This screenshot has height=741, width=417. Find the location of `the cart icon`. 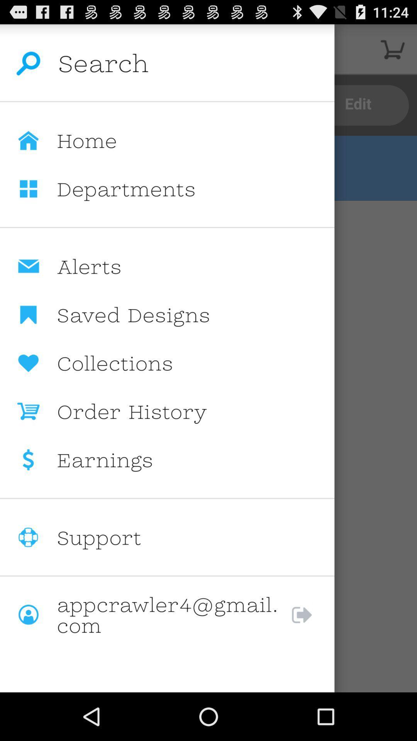

the cart icon is located at coordinates (393, 52).